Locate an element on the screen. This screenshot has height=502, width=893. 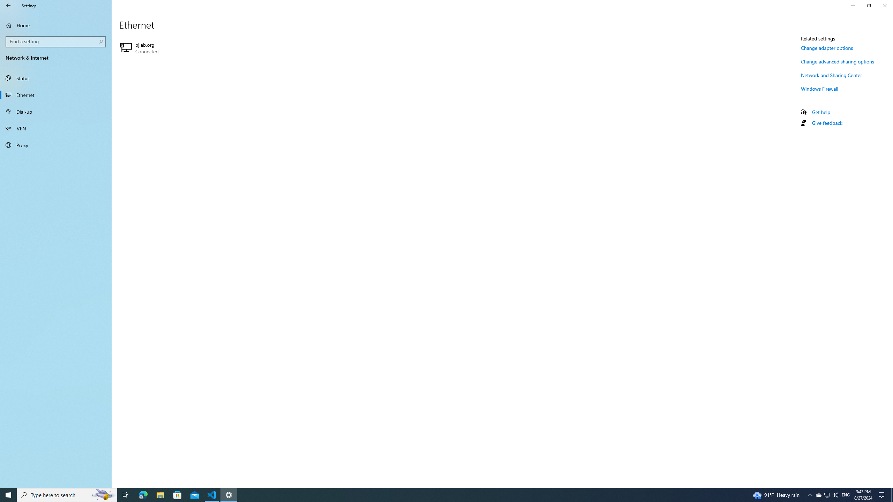
'Give feedback' is located at coordinates (826, 123).